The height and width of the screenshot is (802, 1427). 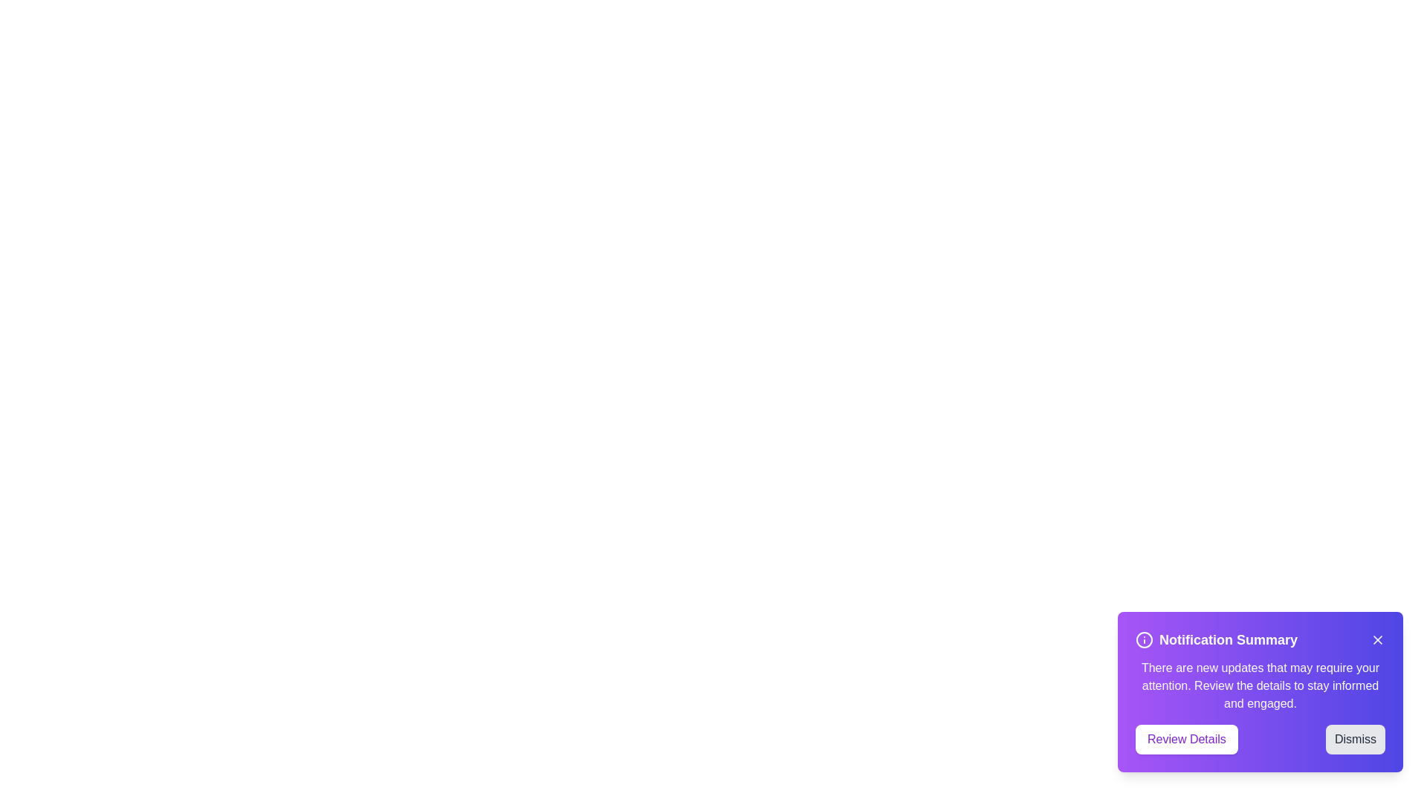 I want to click on 'Review Details' button to view additional information, so click(x=1185, y=739).